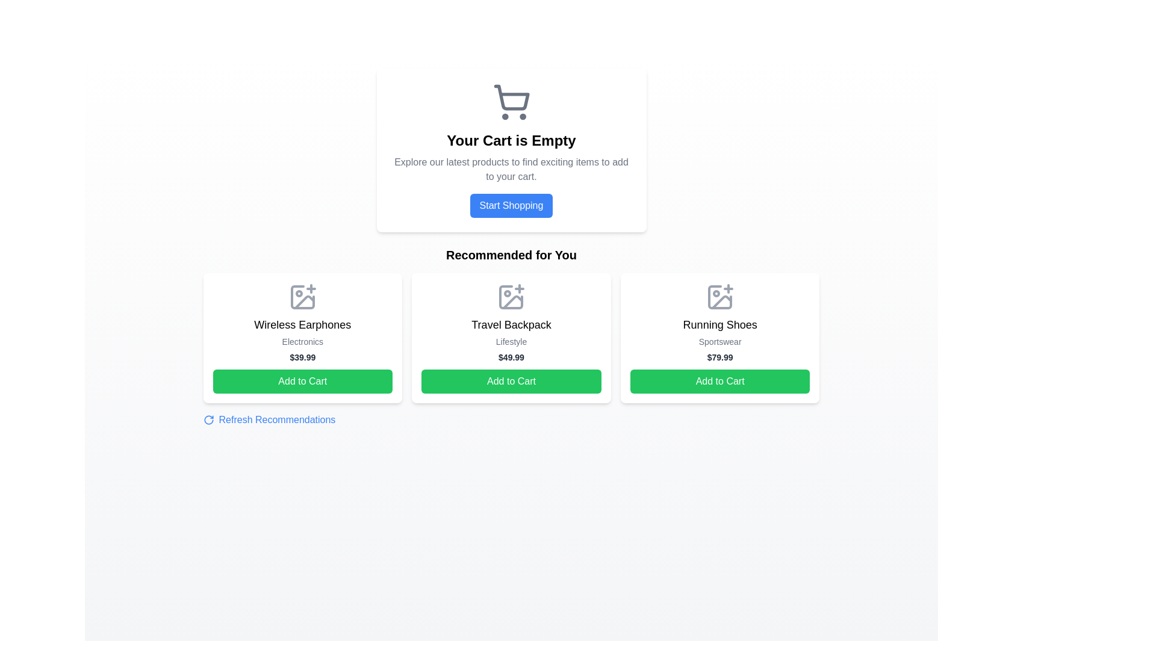 This screenshot has width=1156, height=650. I want to click on the bold price label reading '$49.99' located in the second recommendation card titled 'Travel Backpack' in the 'Recommended for You' section, positioned below the category label 'Lifestyle' and above the 'Add to Cart' button, so click(511, 357).